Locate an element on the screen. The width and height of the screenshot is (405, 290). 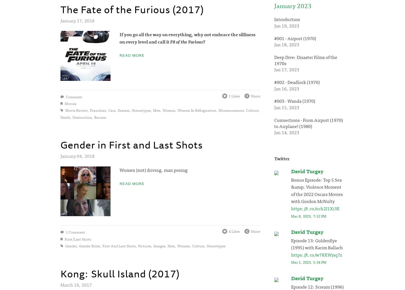
'movie review' is located at coordinates (76, 110).